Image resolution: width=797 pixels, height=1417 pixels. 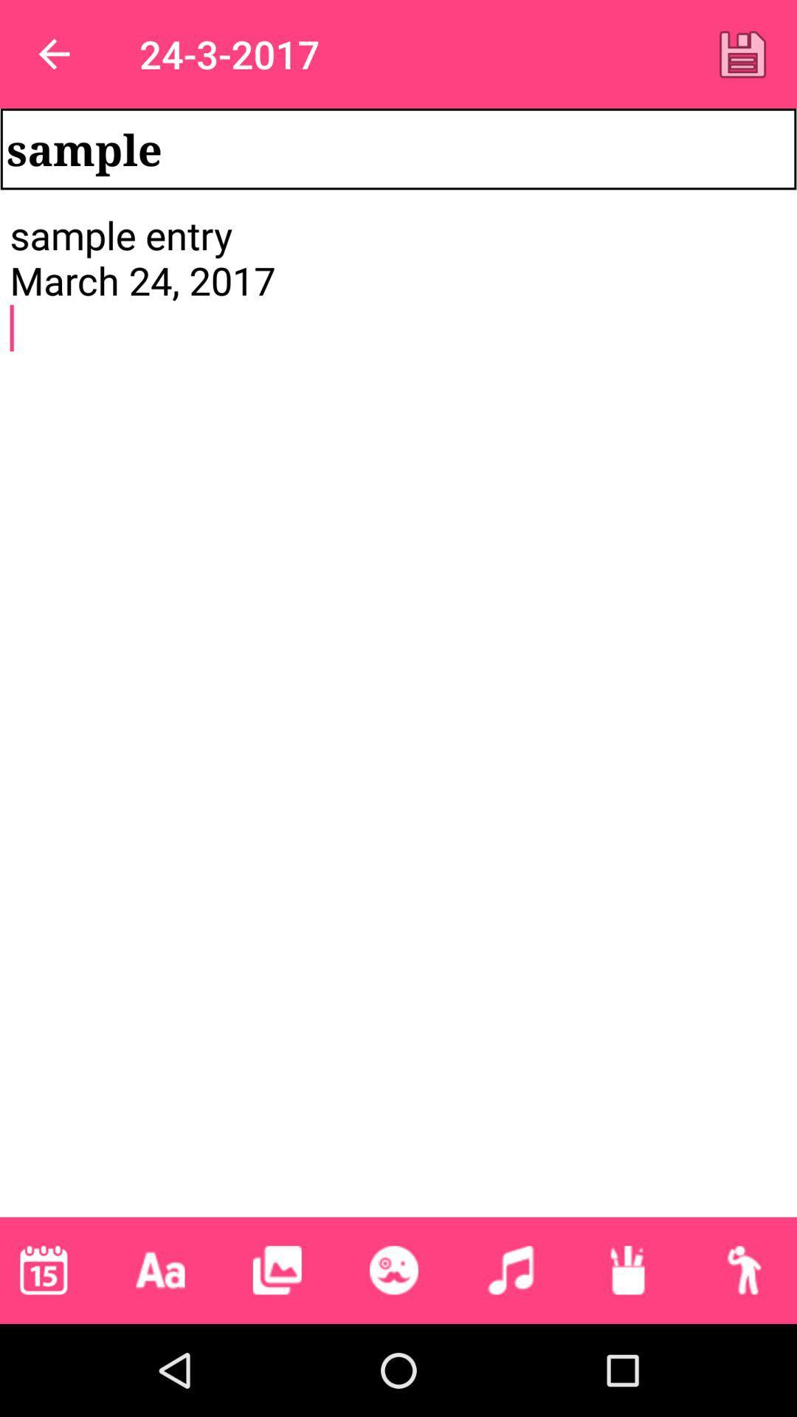 I want to click on entry, so click(x=742, y=54).